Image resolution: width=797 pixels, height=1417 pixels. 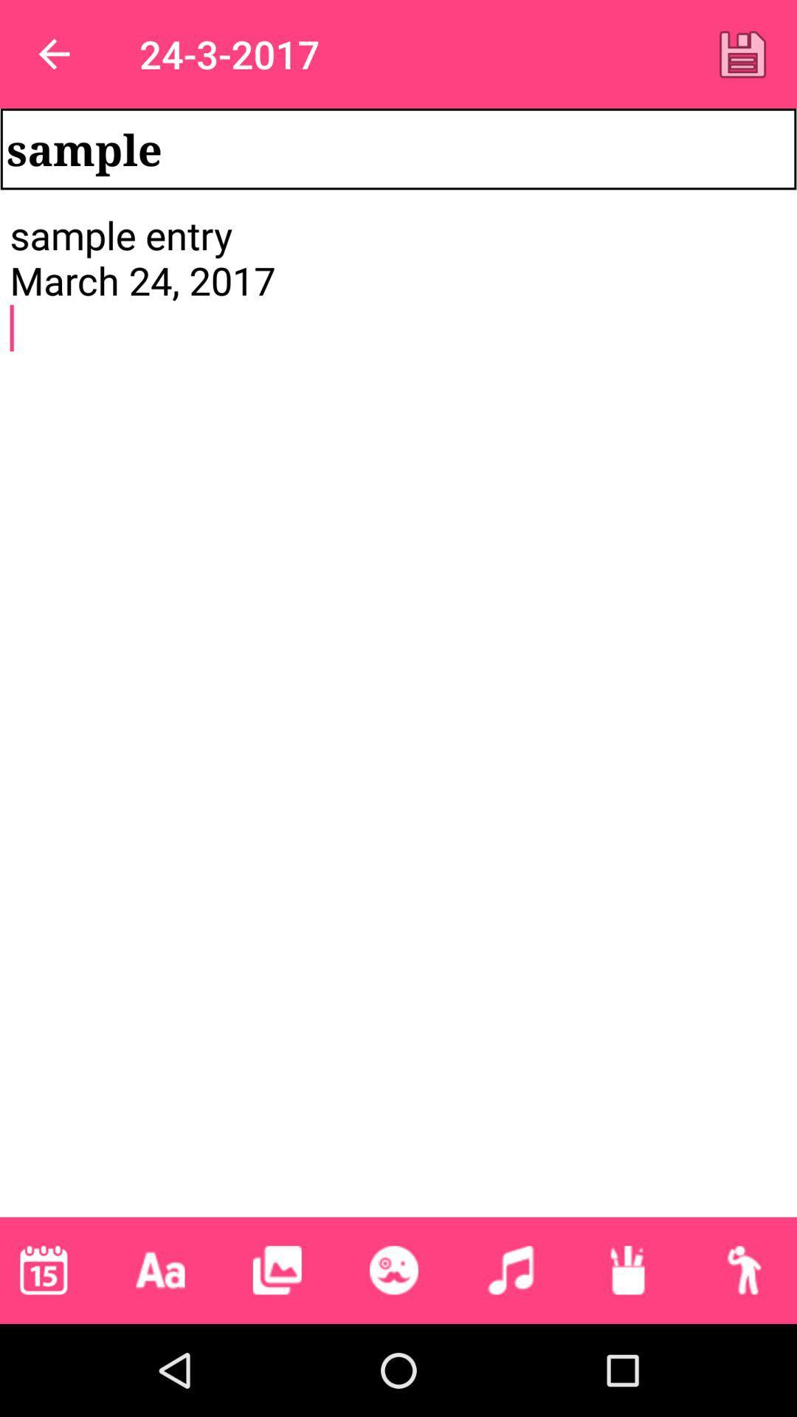 I want to click on entry, so click(x=742, y=54).